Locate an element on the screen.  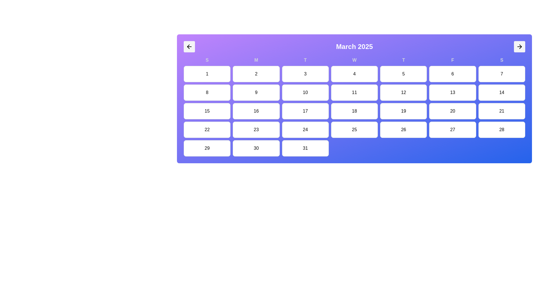
the Date cell labeled '27' in the calendar grid for March 2025, which is a rectangular button-like component with a white background and bold black text is located at coordinates (453, 130).